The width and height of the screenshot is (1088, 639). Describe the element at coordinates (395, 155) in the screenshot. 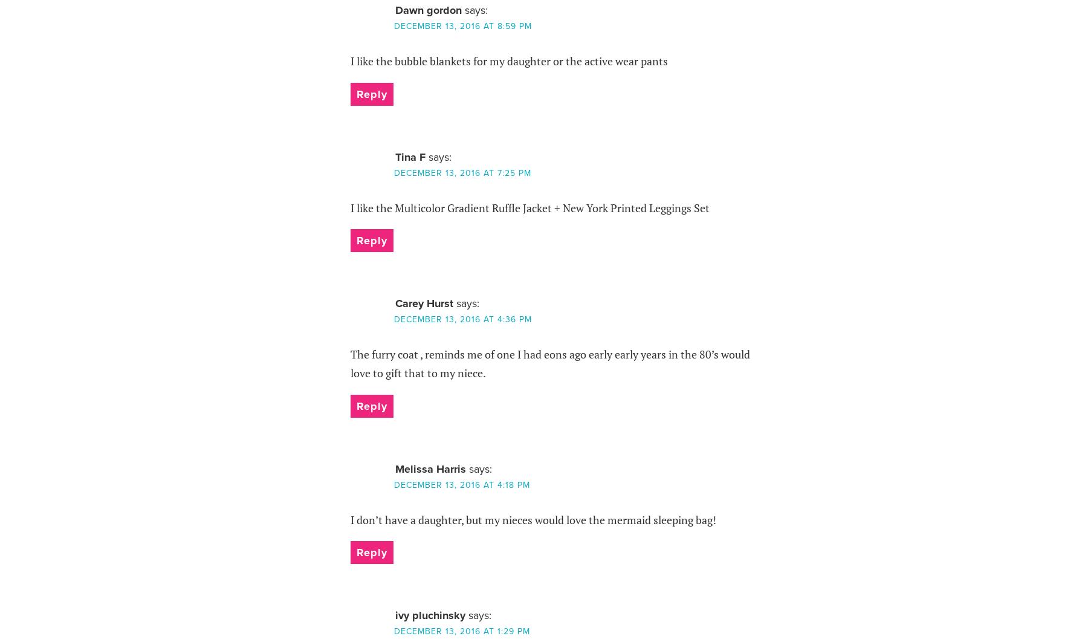

I see `'Tina F'` at that location.